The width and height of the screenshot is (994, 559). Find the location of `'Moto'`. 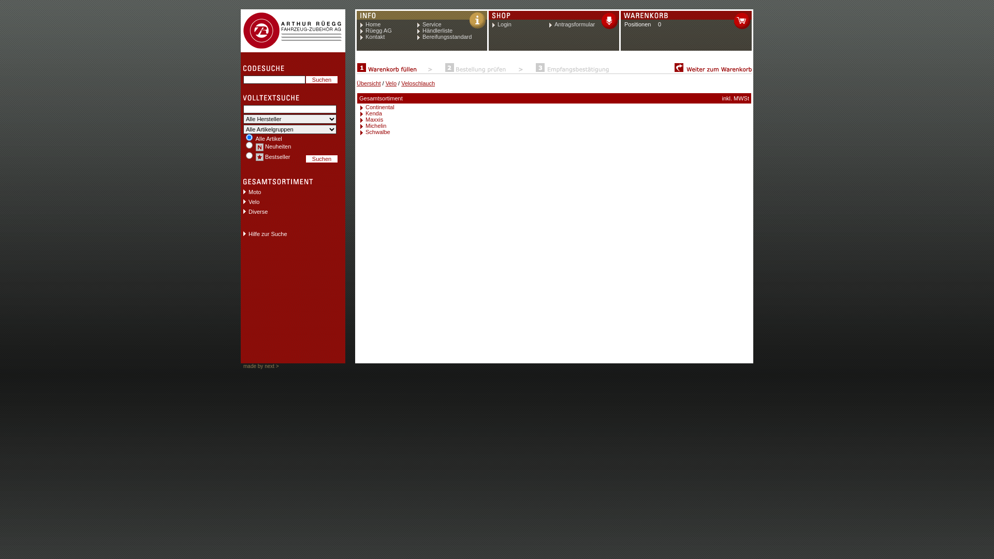

'Moto' is located at coordinates (285, 192).